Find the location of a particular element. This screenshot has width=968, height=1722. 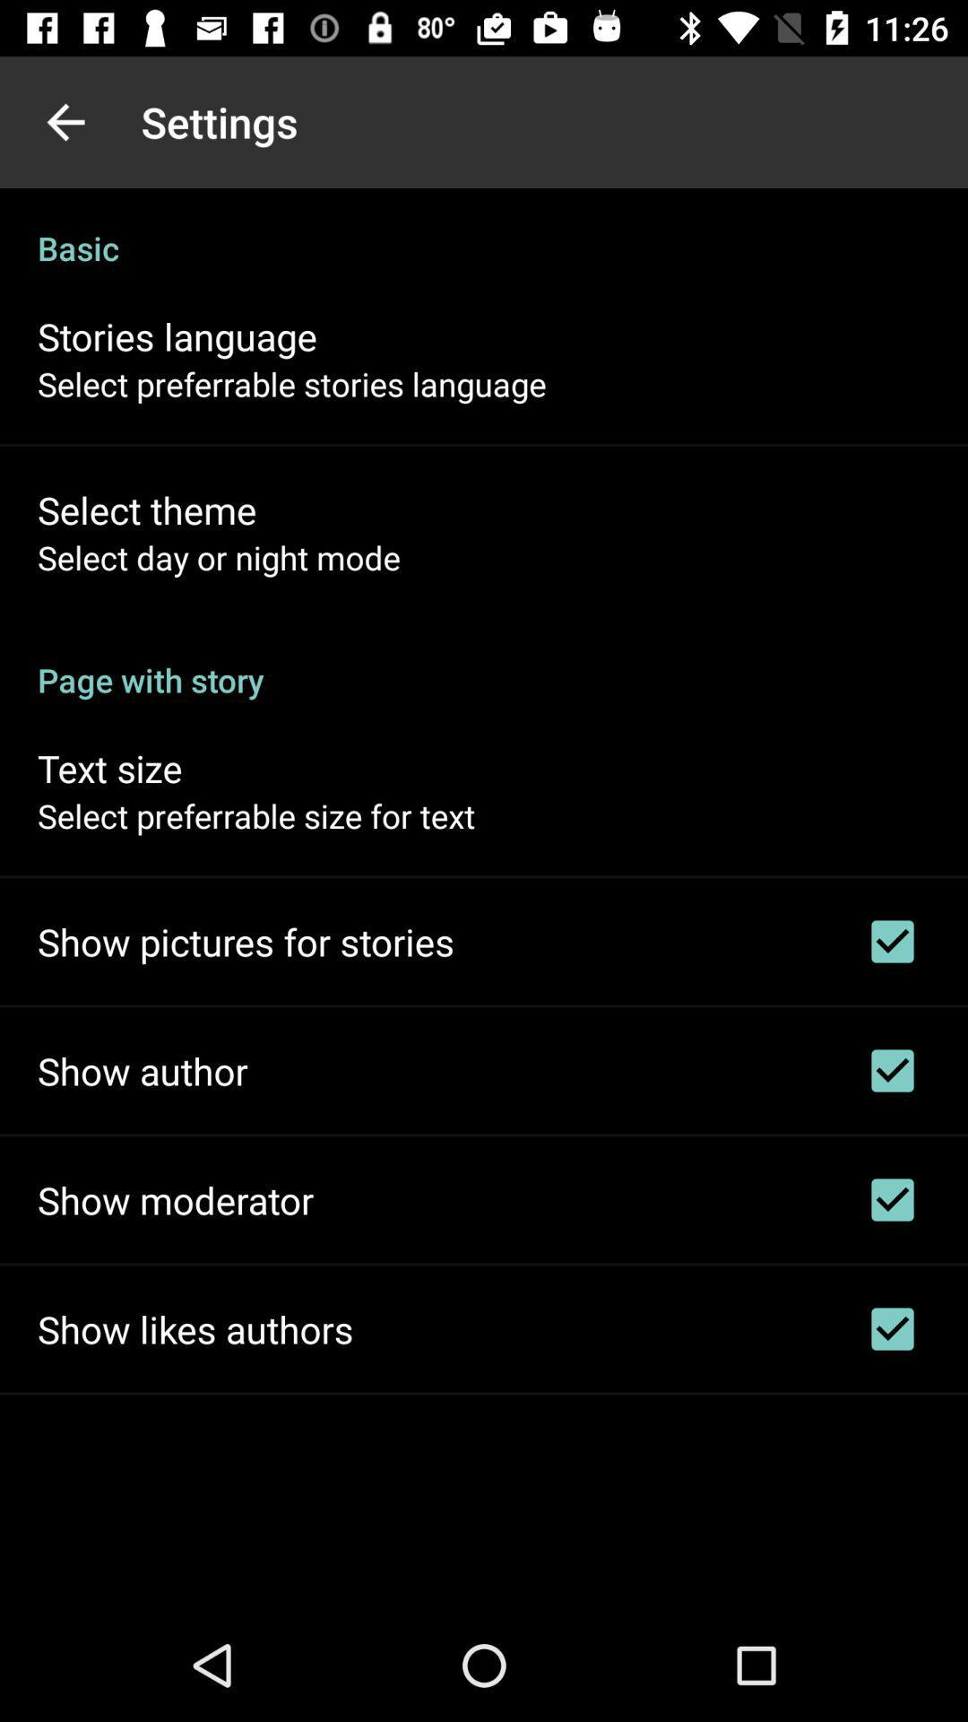

the icon above the text size is located at coordinates (484, 660).